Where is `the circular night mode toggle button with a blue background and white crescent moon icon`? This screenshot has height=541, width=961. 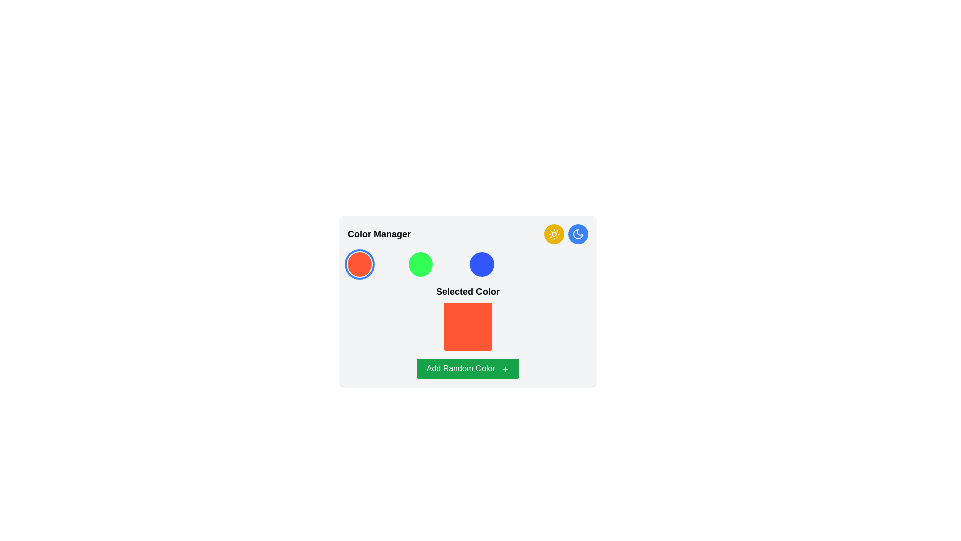
the circular night mode toggle button with a blue background and white crescent moon icon is located at coordinates (578, 234).